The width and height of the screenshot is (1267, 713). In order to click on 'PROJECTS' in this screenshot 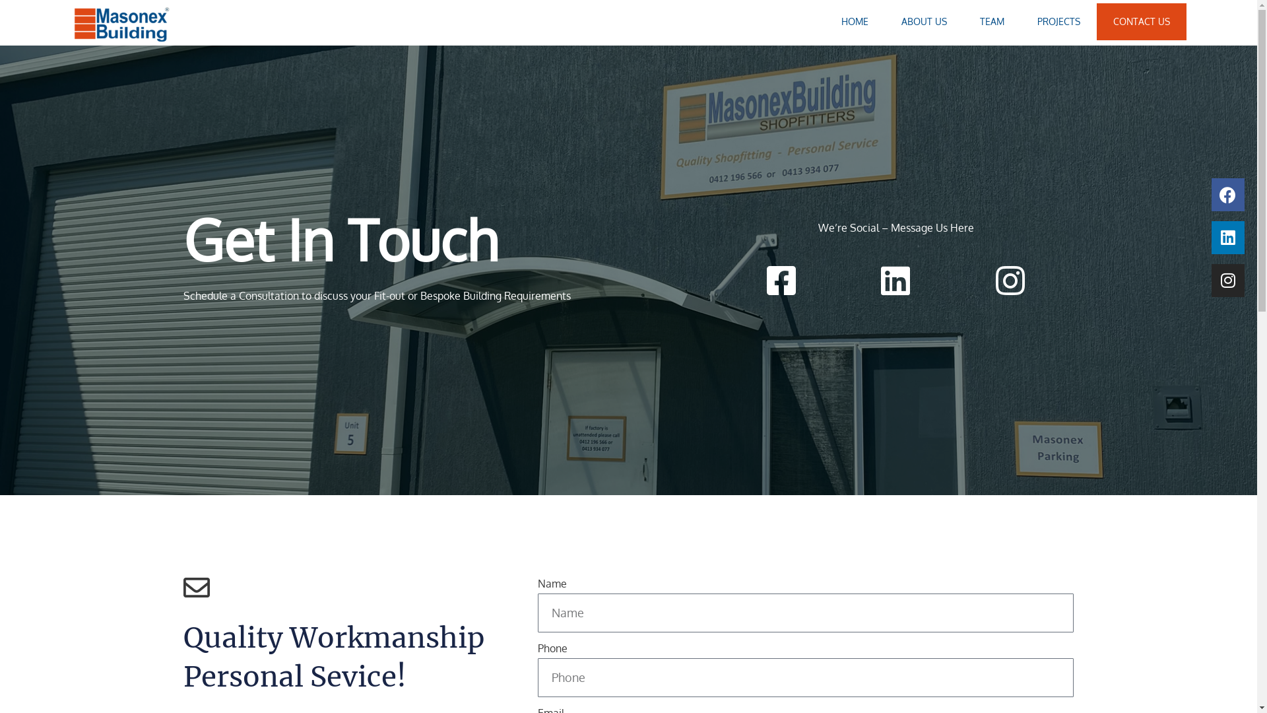, I will do `click(1058, 22)`.